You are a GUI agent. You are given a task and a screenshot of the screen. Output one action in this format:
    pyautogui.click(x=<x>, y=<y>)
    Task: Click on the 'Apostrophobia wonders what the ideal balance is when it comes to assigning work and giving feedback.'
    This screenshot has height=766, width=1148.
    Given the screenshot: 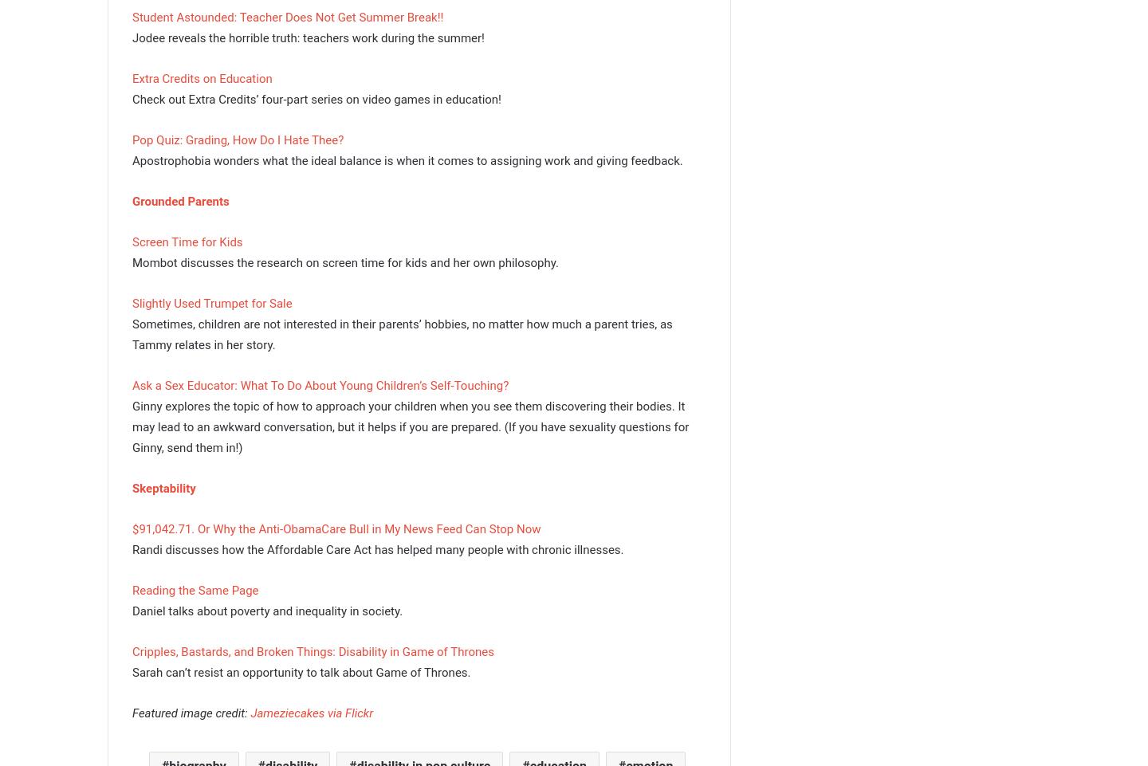 What is the action you would take?
    pyautogui.click(x=407, y=160)
    